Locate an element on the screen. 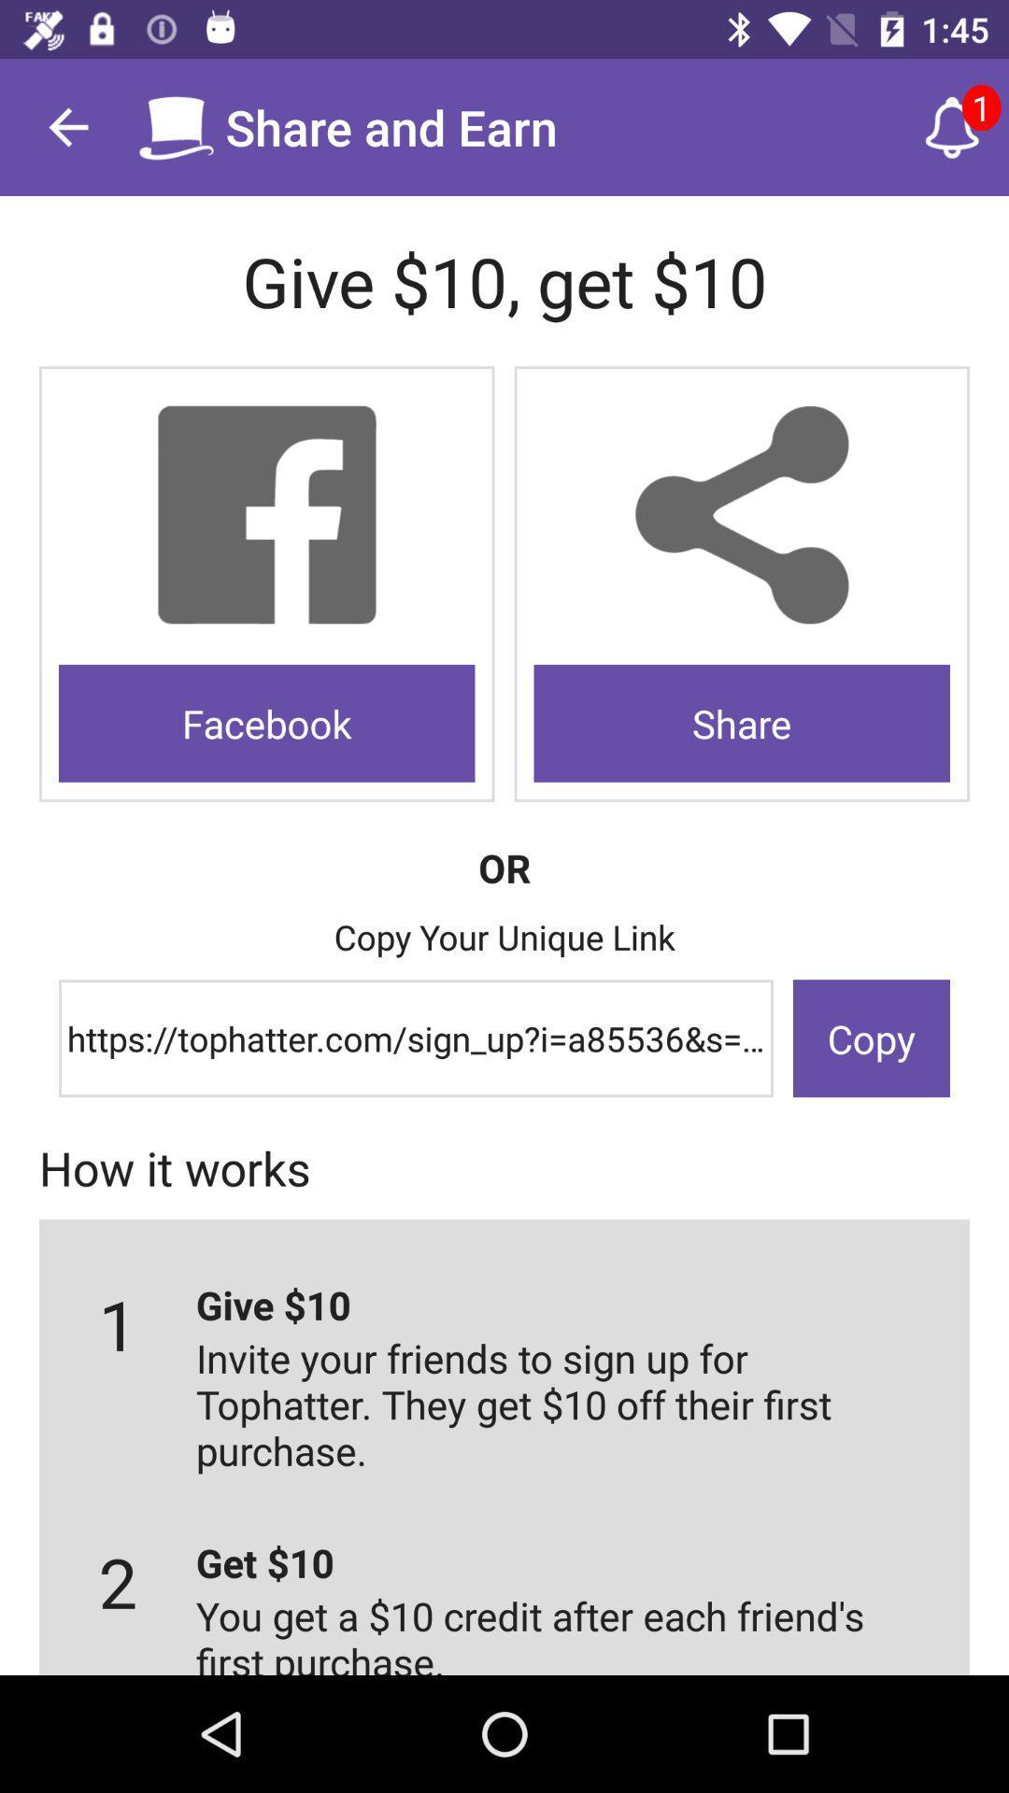  item above give 10 get is located at coordinates (67, 126).